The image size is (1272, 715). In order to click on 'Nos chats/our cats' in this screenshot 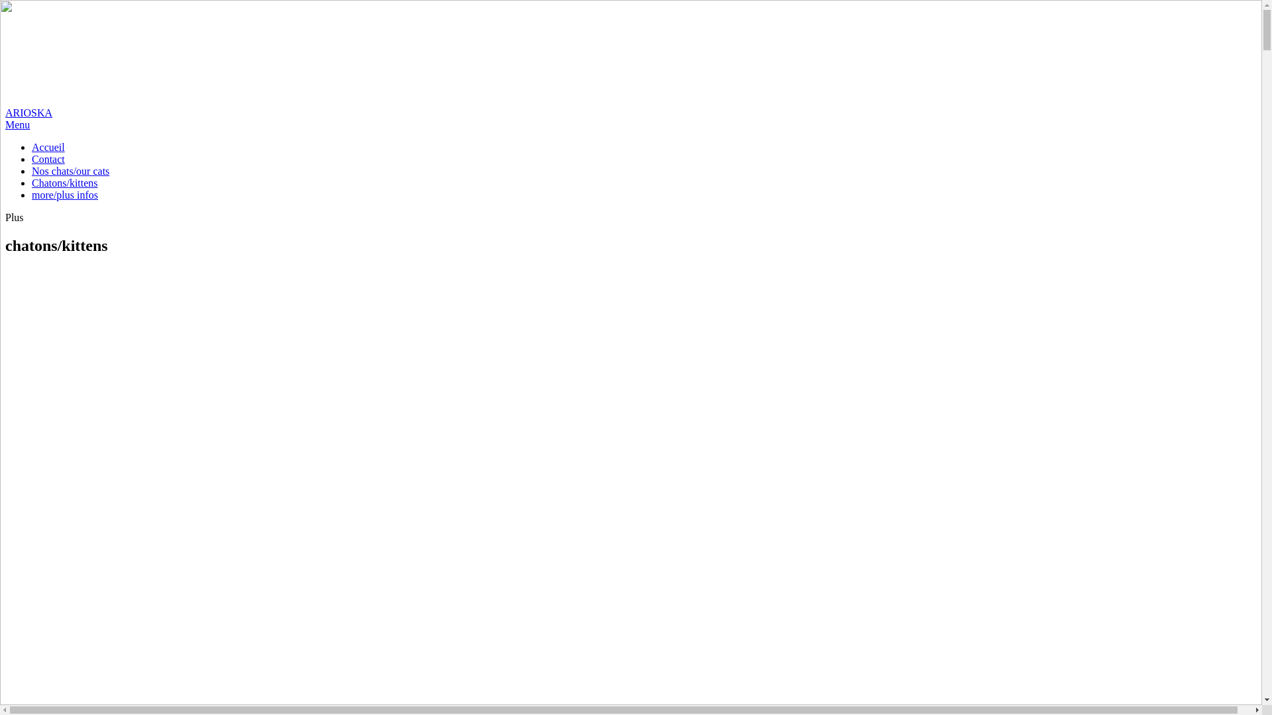, I will do `click(70, 170)`.